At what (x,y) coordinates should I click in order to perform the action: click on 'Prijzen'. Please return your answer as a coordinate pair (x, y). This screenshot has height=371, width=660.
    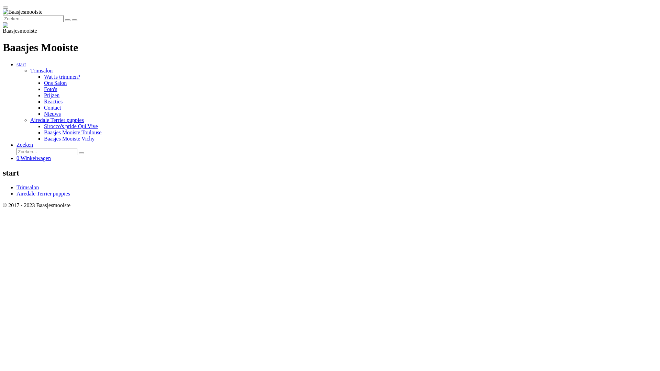
    Looking at the image, I should click on (51, 95).